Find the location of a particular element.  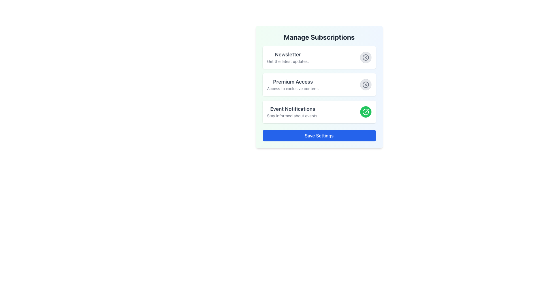

the button in the upper-right corner of the 'Newsletter' subscription card, which serves to deselect or close the newsletter feature is located at coordinates (365, 58).